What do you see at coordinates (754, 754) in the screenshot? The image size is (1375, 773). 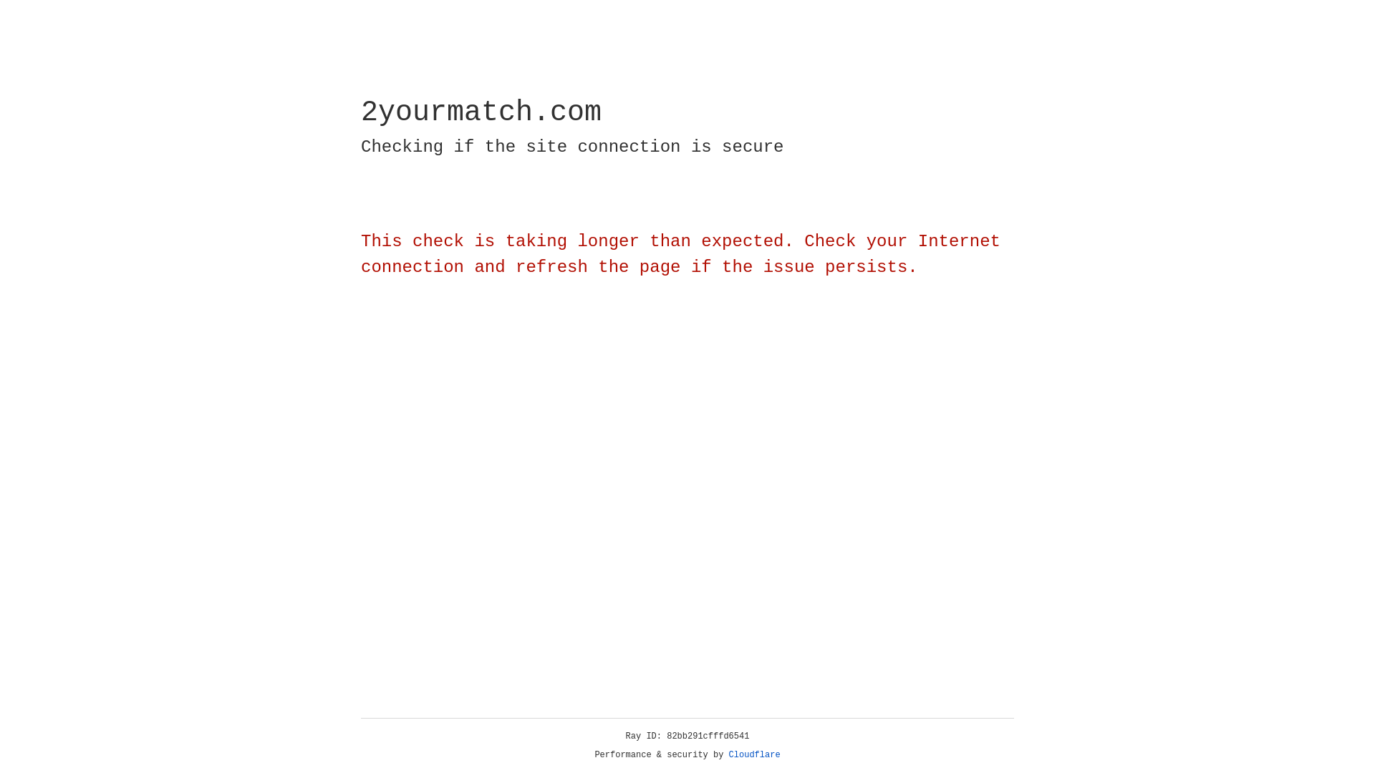 I see `'Cloudflare'` at bounding box center [754, 754].